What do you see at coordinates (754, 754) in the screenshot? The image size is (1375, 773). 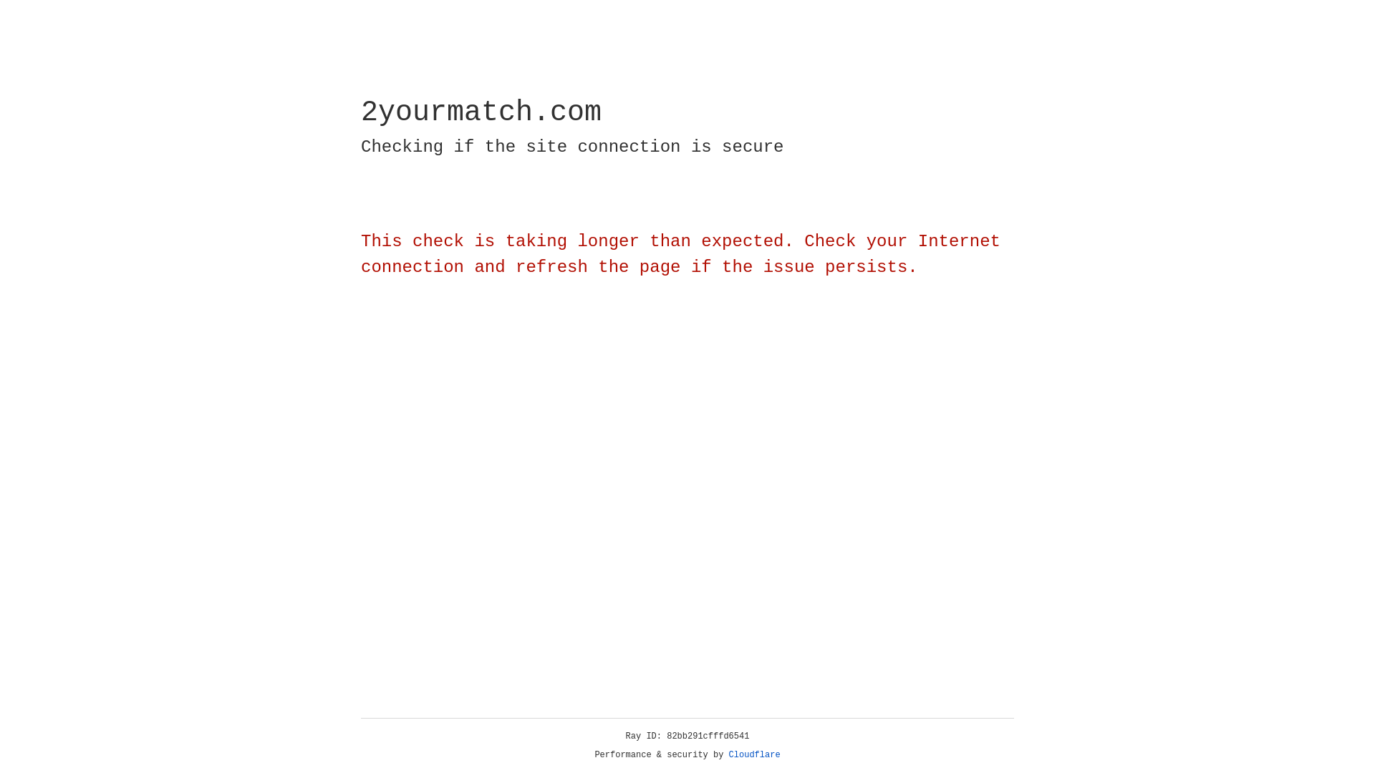 I see `'Cloudflare'` at bounding box center [754, 754].